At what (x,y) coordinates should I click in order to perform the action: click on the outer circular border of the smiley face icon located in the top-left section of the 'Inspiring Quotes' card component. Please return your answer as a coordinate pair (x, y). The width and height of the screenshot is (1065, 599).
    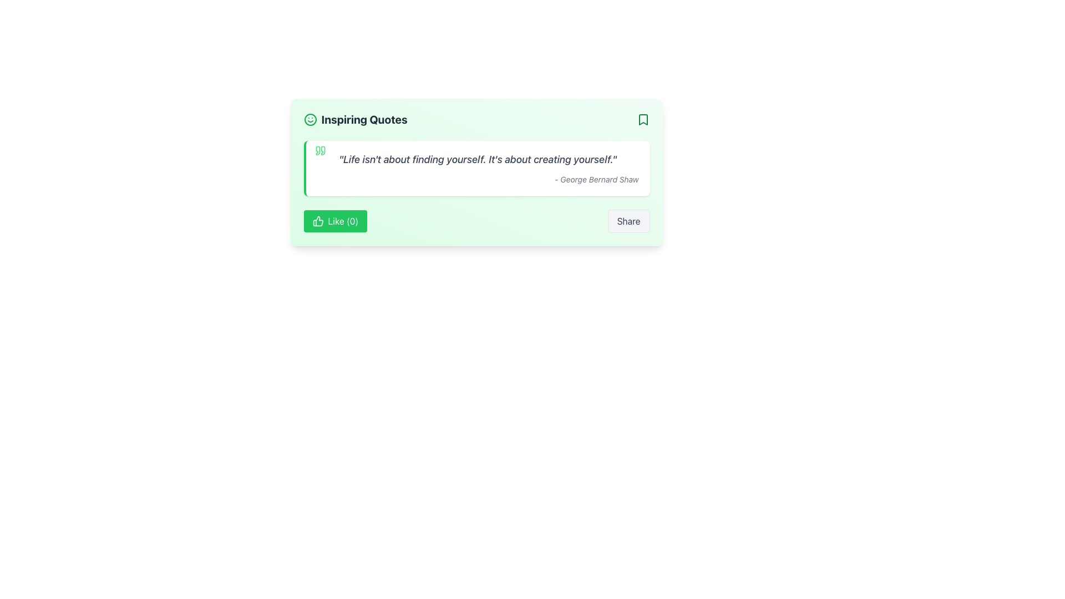
    Looking at the image, I should click on (310, 120).